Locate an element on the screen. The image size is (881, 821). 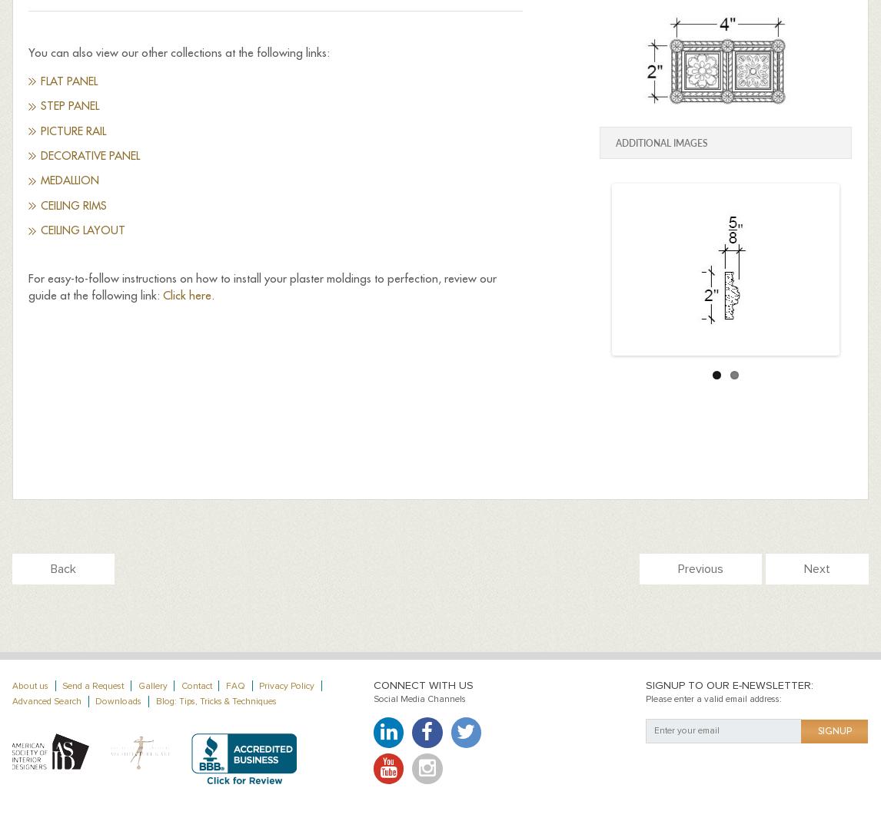
'Ceiling Rims' is located at coordinates (74, 204).